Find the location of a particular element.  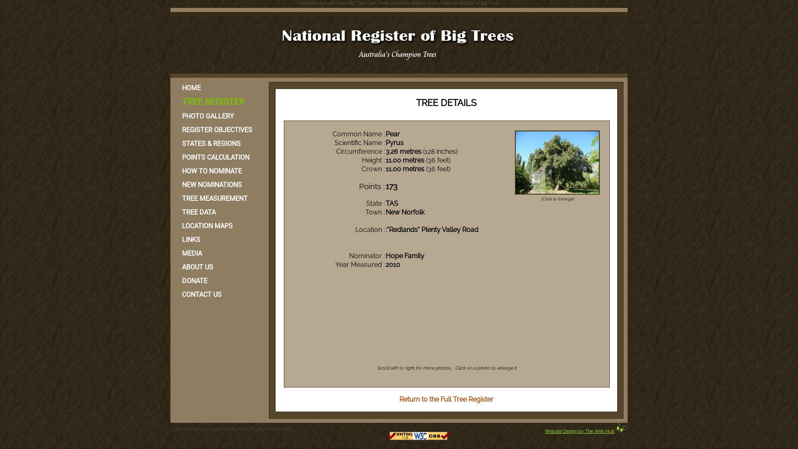

'STATES & REGIONS' is located at coordinates (219, 143).